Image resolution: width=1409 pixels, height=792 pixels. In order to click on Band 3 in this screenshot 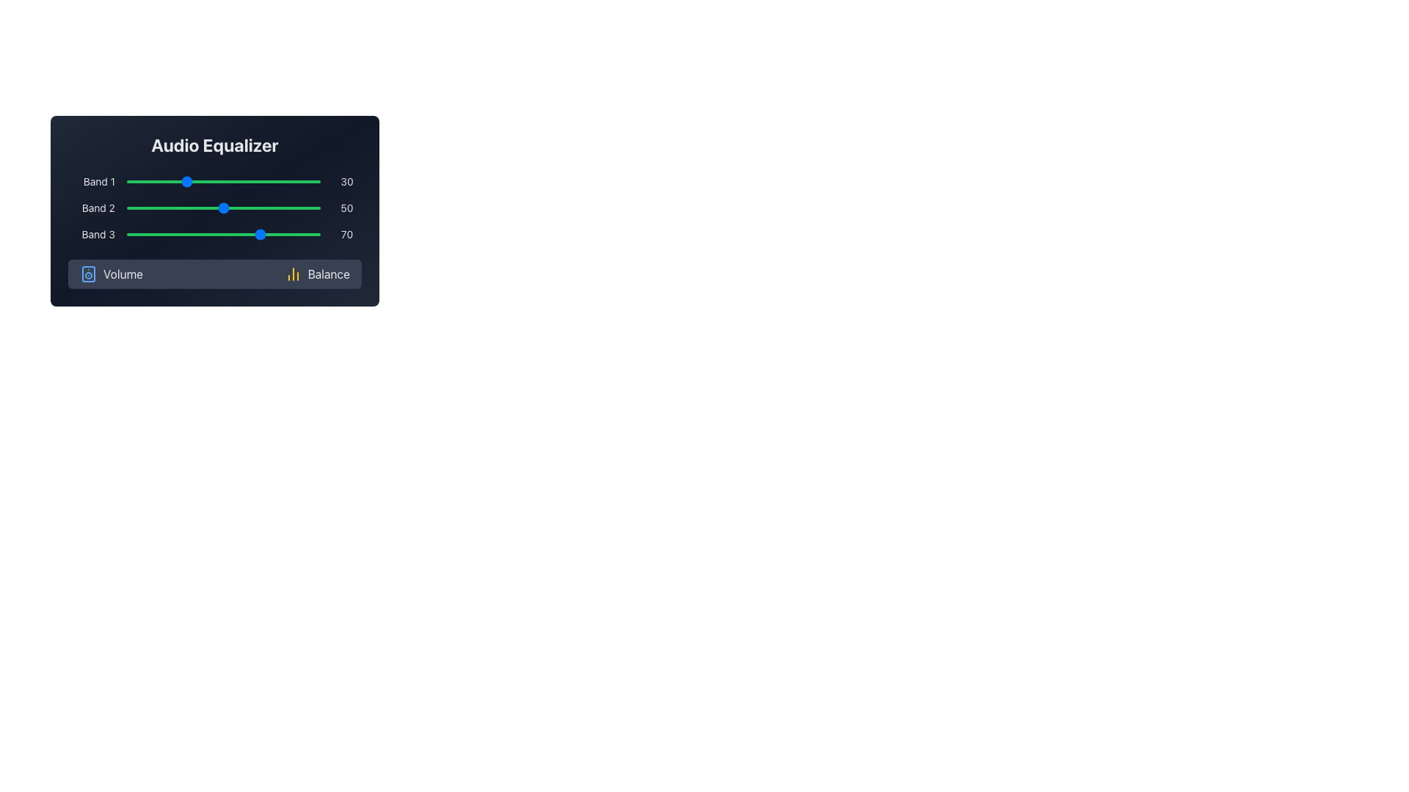, I will do `click(144, 234)`.